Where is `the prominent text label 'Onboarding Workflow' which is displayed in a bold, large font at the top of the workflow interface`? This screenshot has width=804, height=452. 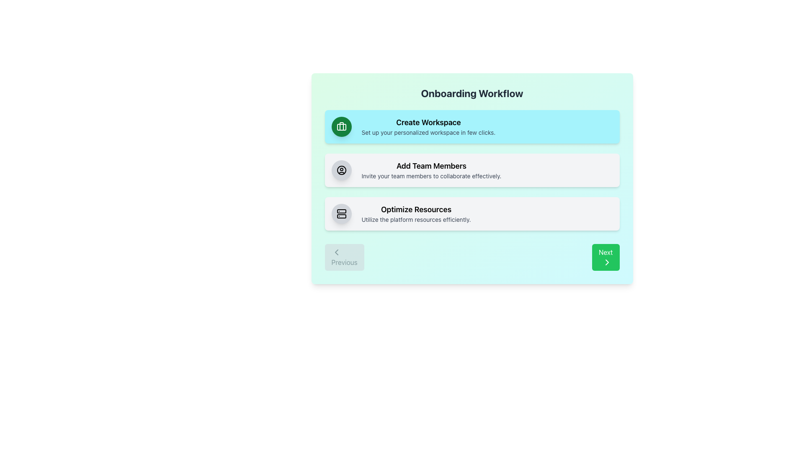
the prominent text label 'Onboarding Workflow' which is displayed in a bold, large font at the top of the workflow interface is located at coordinates (472, 93).